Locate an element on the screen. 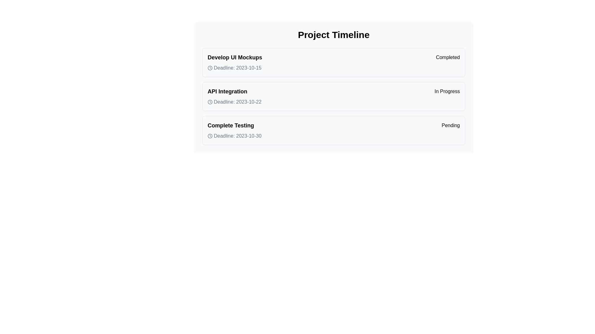  the bold text label reading 'Complete Testing', which is located in the bottommost row of the task list, to the left of the 'Pending' badge is located at coordinates (230, 125).